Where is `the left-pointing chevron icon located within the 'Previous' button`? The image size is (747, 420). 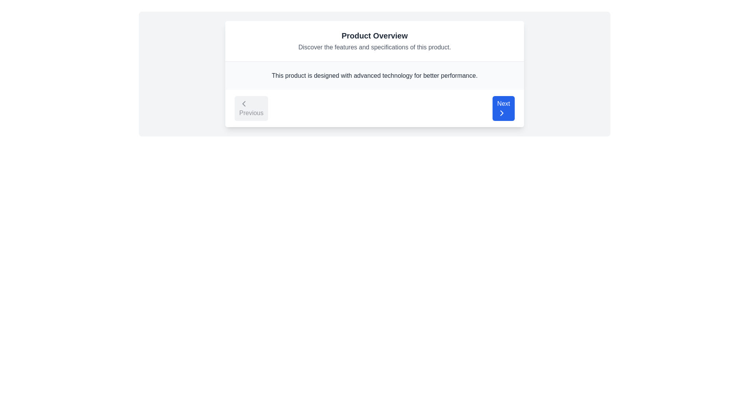
the left-pointing chevron icon located within the 'Previous' button is located at coordinates (244, 103).